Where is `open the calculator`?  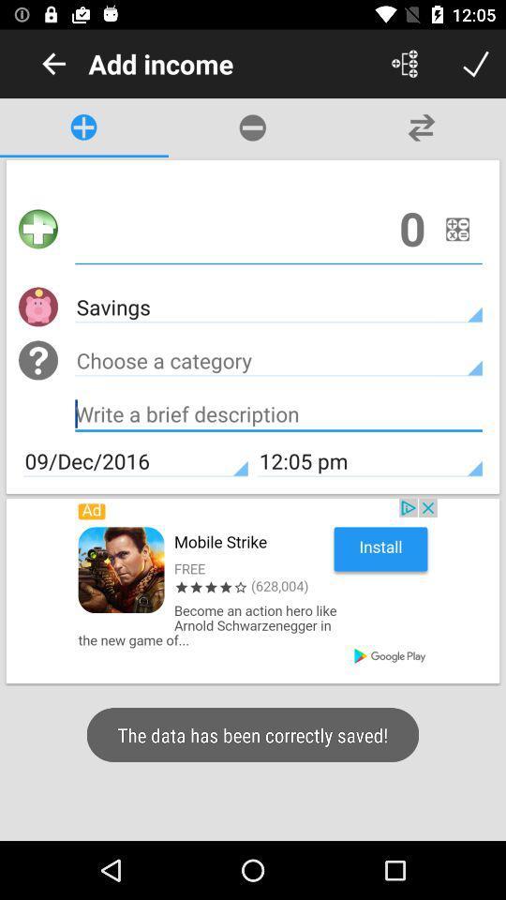 open the calculator is located at coordinates (456, 228).